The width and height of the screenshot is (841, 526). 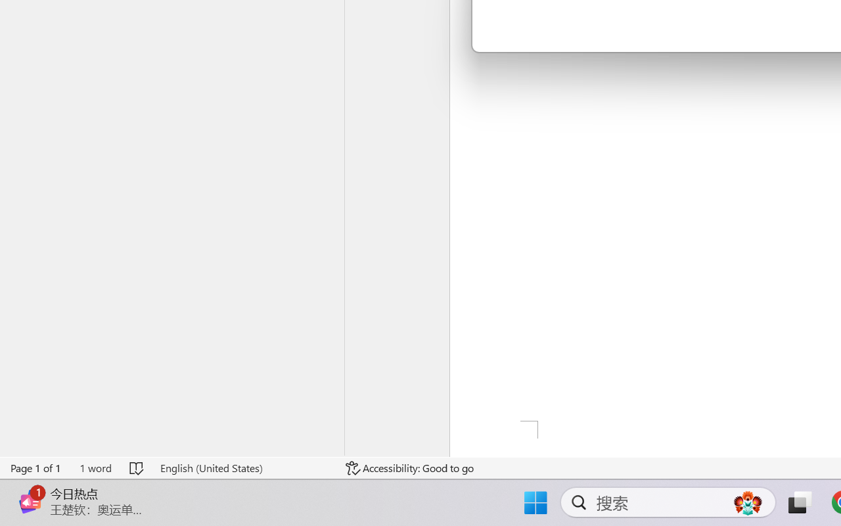 I want to click on 'AutomationID: BadgeAnchorLargeTicker', so click(x=30, y=489).